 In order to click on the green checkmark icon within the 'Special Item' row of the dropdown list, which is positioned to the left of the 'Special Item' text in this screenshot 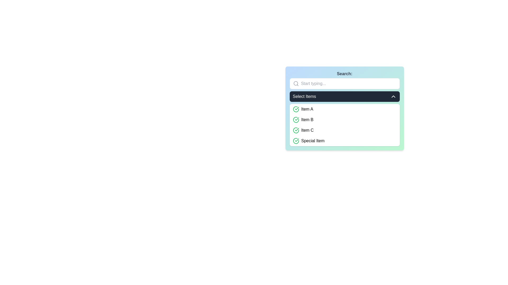, I will do `click(296, 140)`.